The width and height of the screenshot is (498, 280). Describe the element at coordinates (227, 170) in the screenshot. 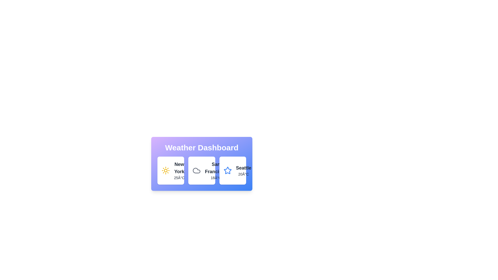

I see `the star icon` at that location.